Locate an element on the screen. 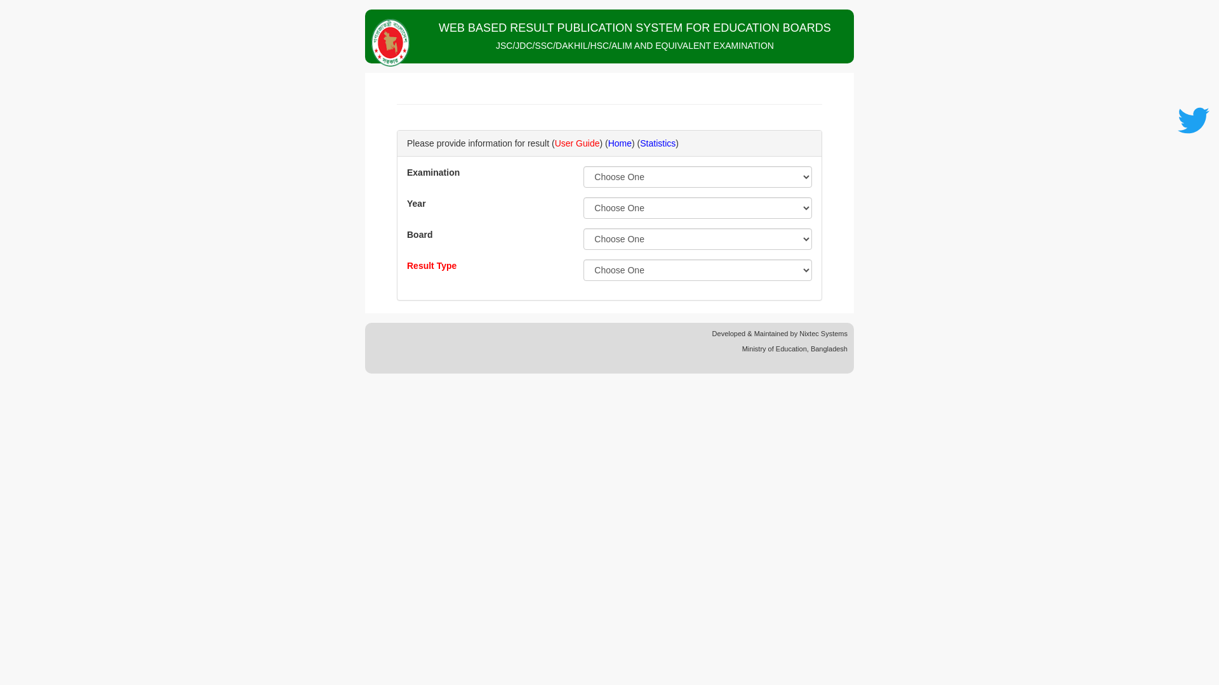 Image resolution: width=1219 pixels, height=685 pixels. 'User Guide' is located at coordinates (576, 143).